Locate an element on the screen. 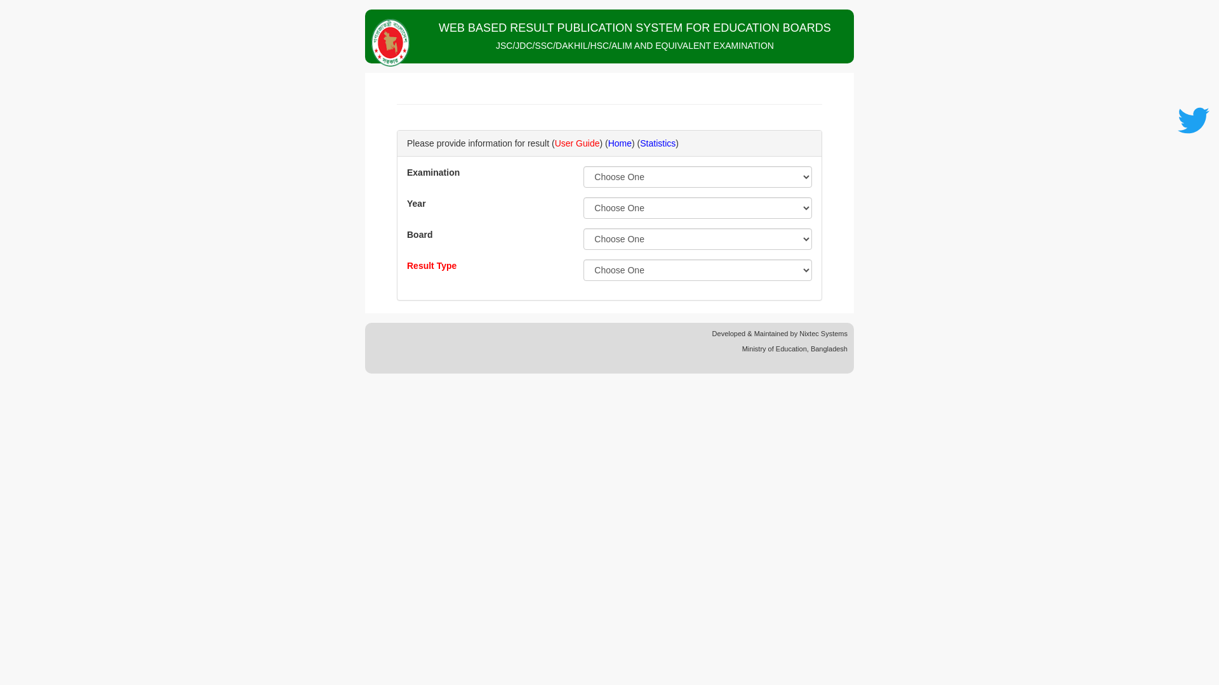 Image resolution: width=1219 pixels, height=685 pixels. 'User Guide' is located at coordinates (576, 143).